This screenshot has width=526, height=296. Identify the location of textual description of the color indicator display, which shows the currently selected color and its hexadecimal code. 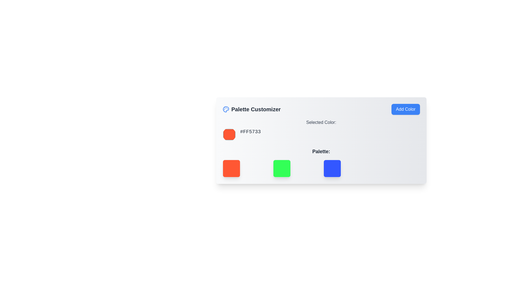
(321, 130).